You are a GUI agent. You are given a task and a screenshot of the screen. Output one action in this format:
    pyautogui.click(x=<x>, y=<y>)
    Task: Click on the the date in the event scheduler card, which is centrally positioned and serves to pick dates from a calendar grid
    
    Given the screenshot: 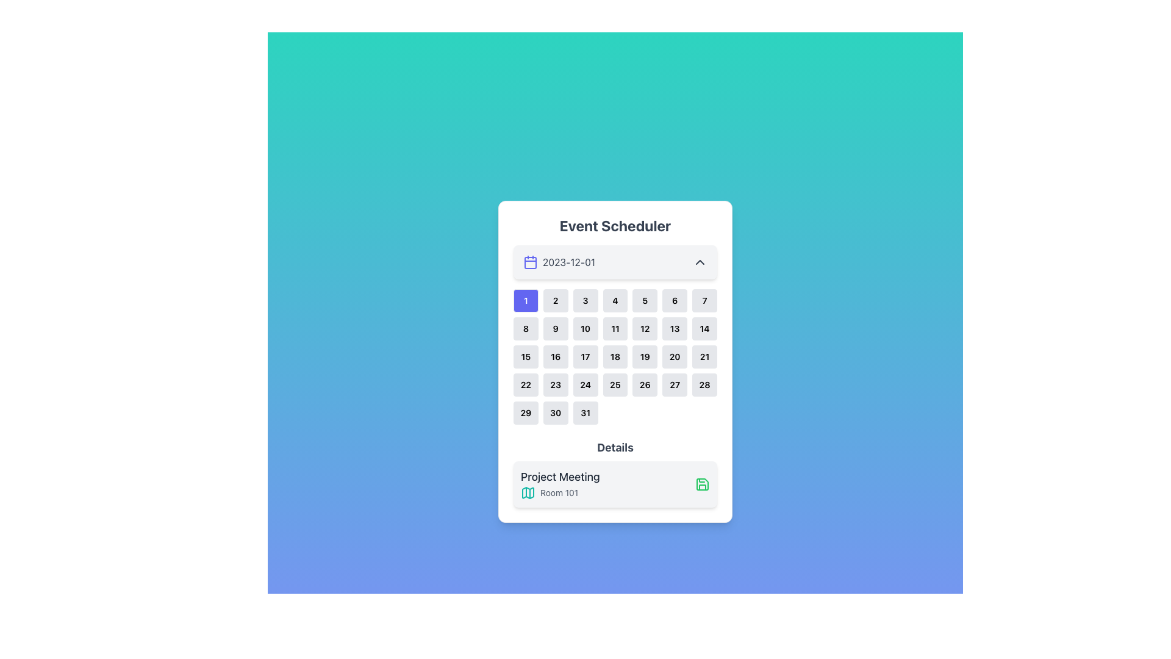 What is the action you would take?
    pyautogui.click(x=615, y=361)
    